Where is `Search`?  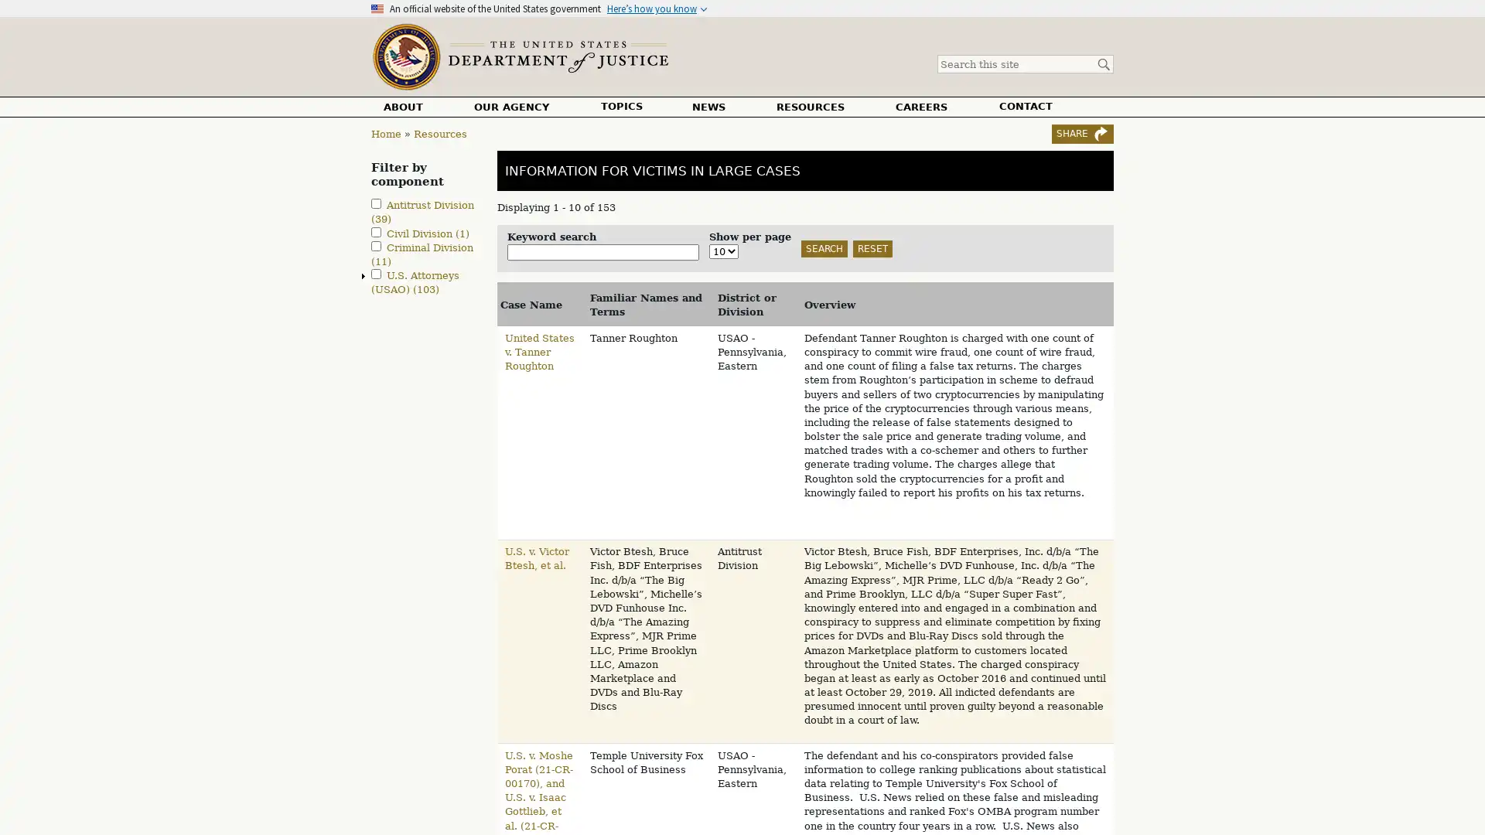 Search is located at coordinates (1102, 64).